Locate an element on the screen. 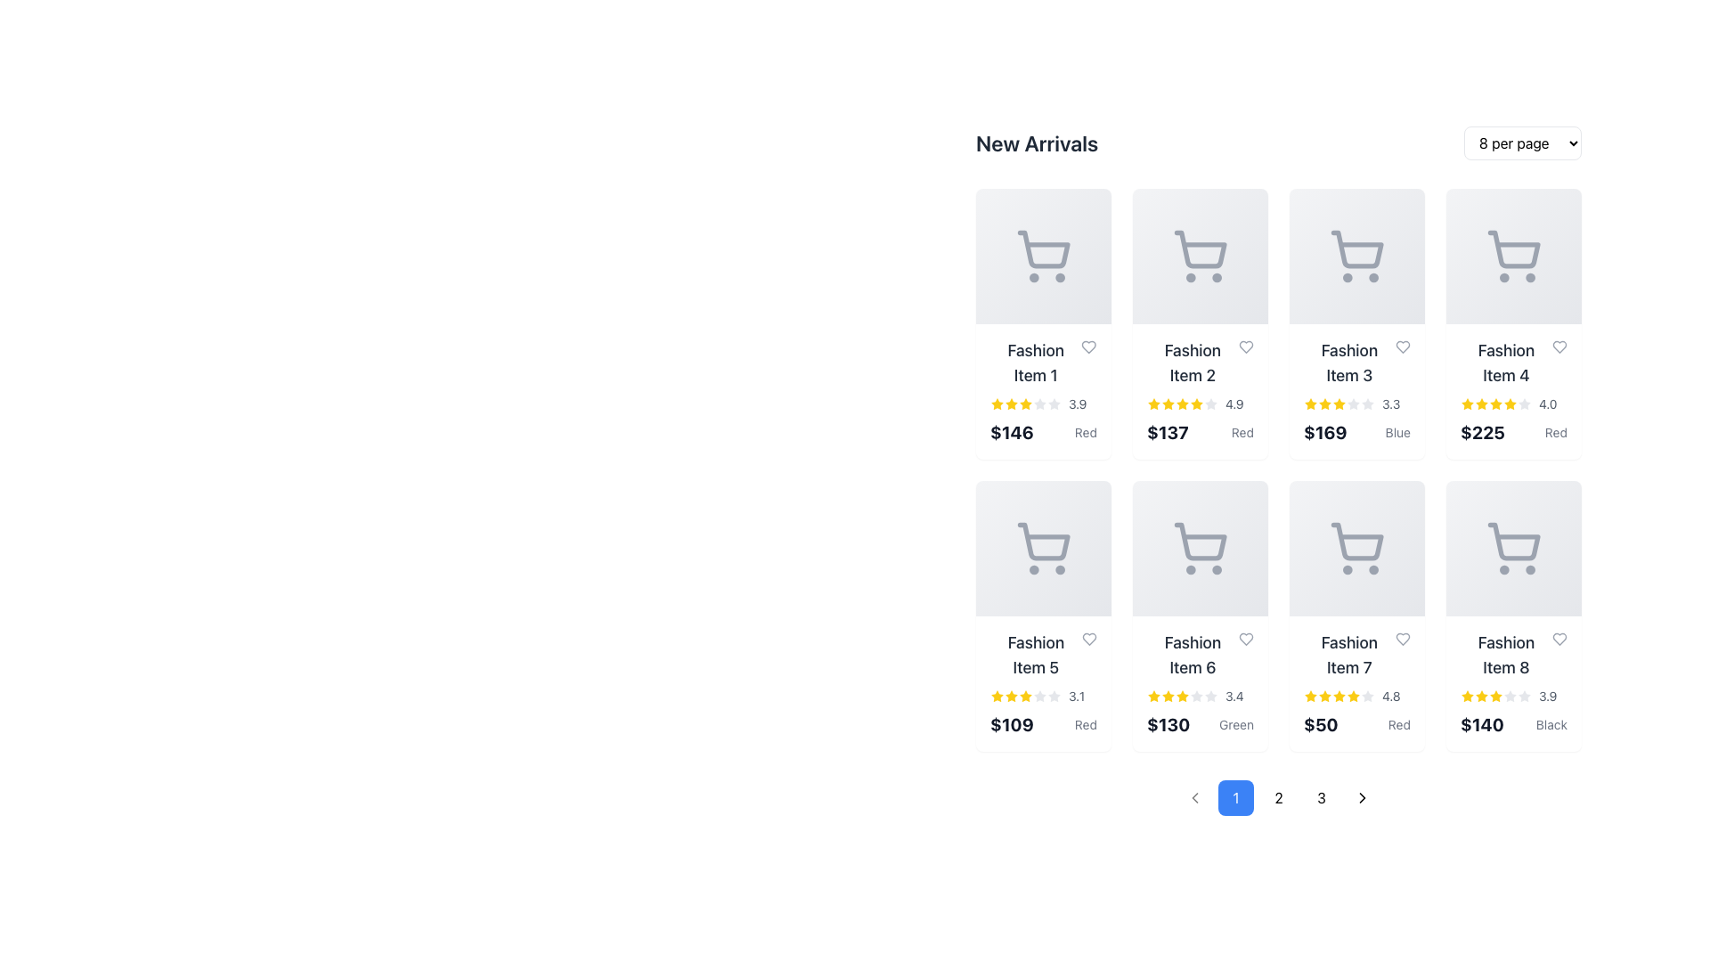  fourth star icon in the 5-star rating system for 'Fashion Item 4', which visually indicates a part of a 4.0 rating is located at coordinates (1496, 404).